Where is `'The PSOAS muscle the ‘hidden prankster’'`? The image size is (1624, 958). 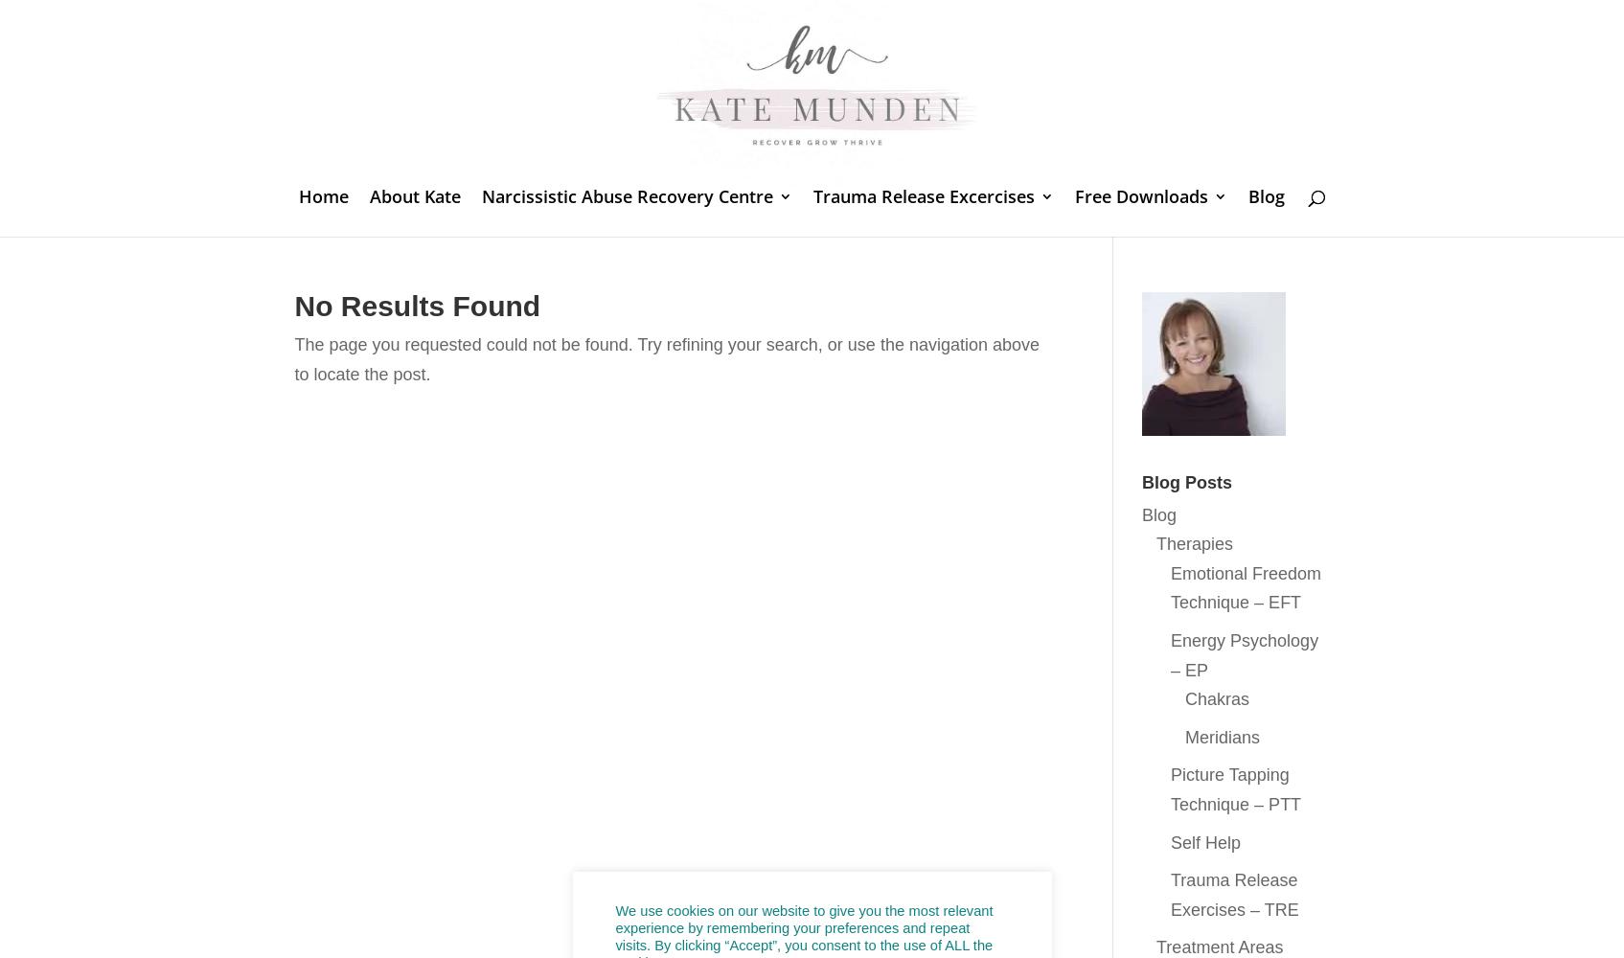 'The PSOAS muscle the ‘hidden prankster’' is located at coordinates (927, 408).